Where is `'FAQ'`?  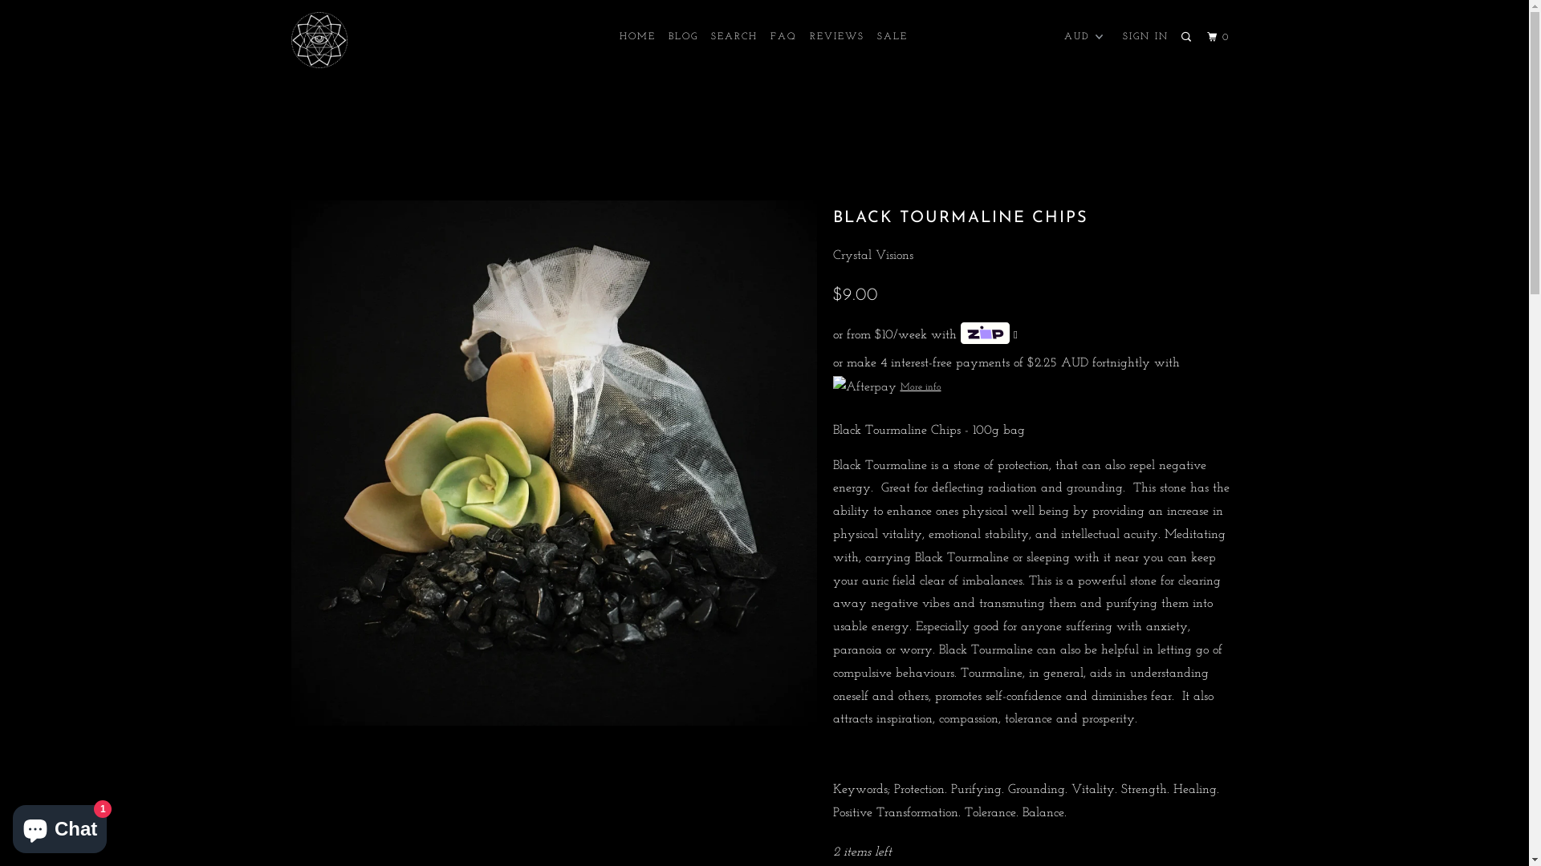
'FAQ' is located at coordinates (766, 36).